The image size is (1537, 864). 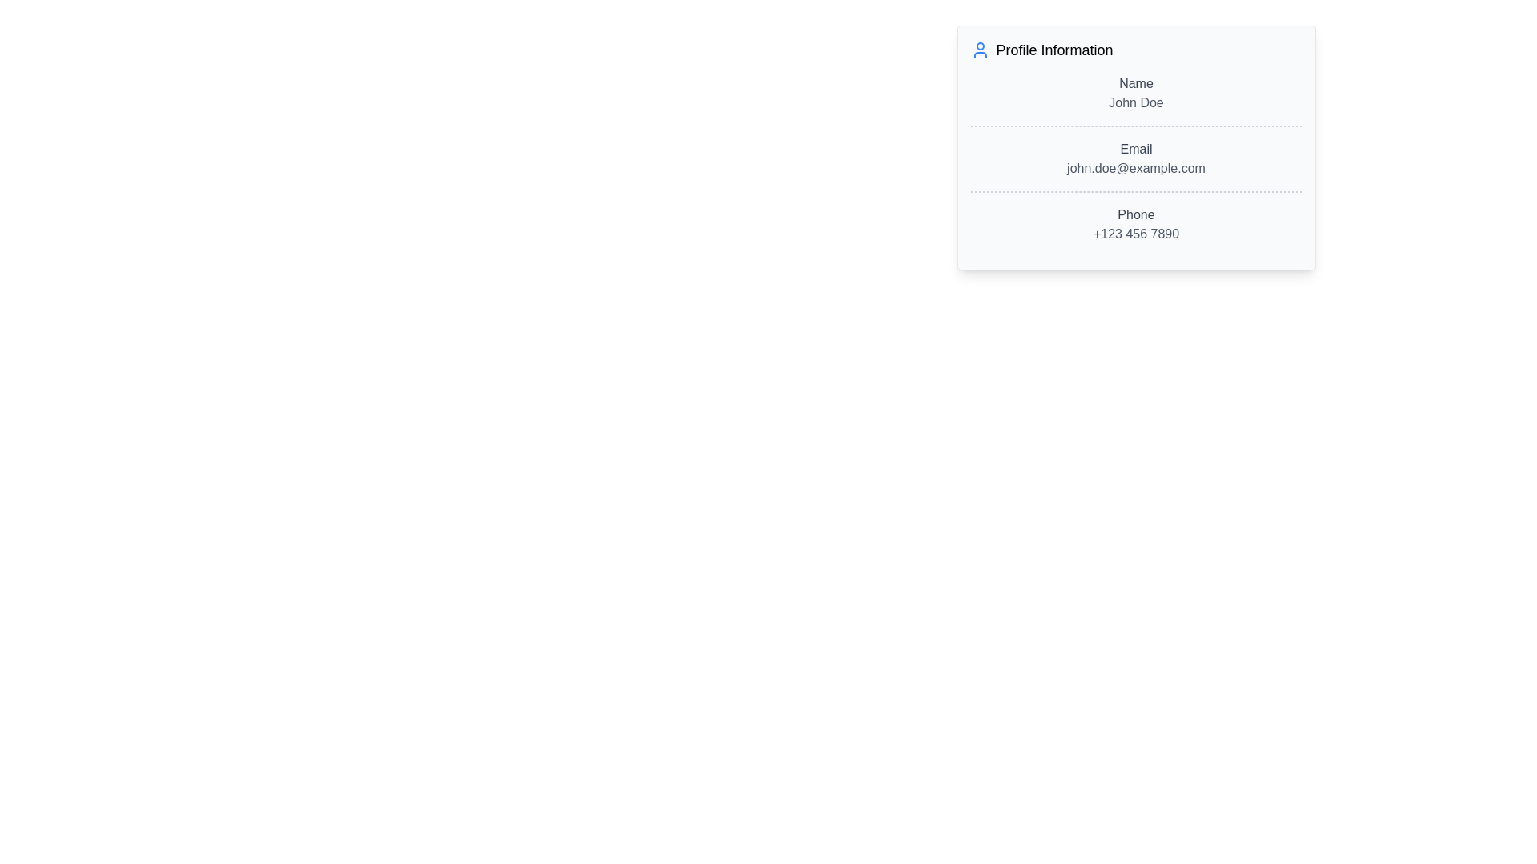 What do you see at coordinates (1135, 93) in the screenshot?
I see `the Display block that shows the user's name, located within the 'Profile Information' card, positioned just below the title 'Profile Information'` at bounding box center [1135, 93].